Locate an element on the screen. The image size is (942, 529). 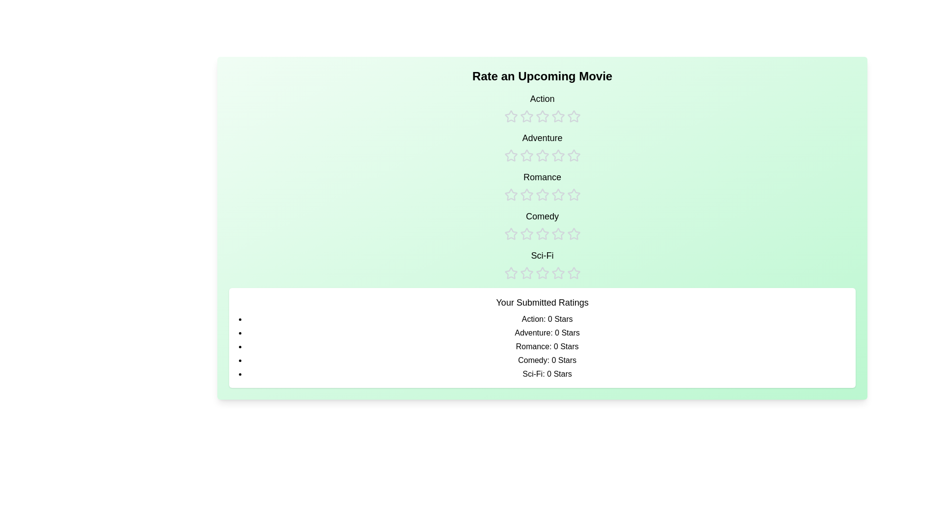
the rating for the Sci-Fi category to 4 stars is located at coordinates (558, 264).